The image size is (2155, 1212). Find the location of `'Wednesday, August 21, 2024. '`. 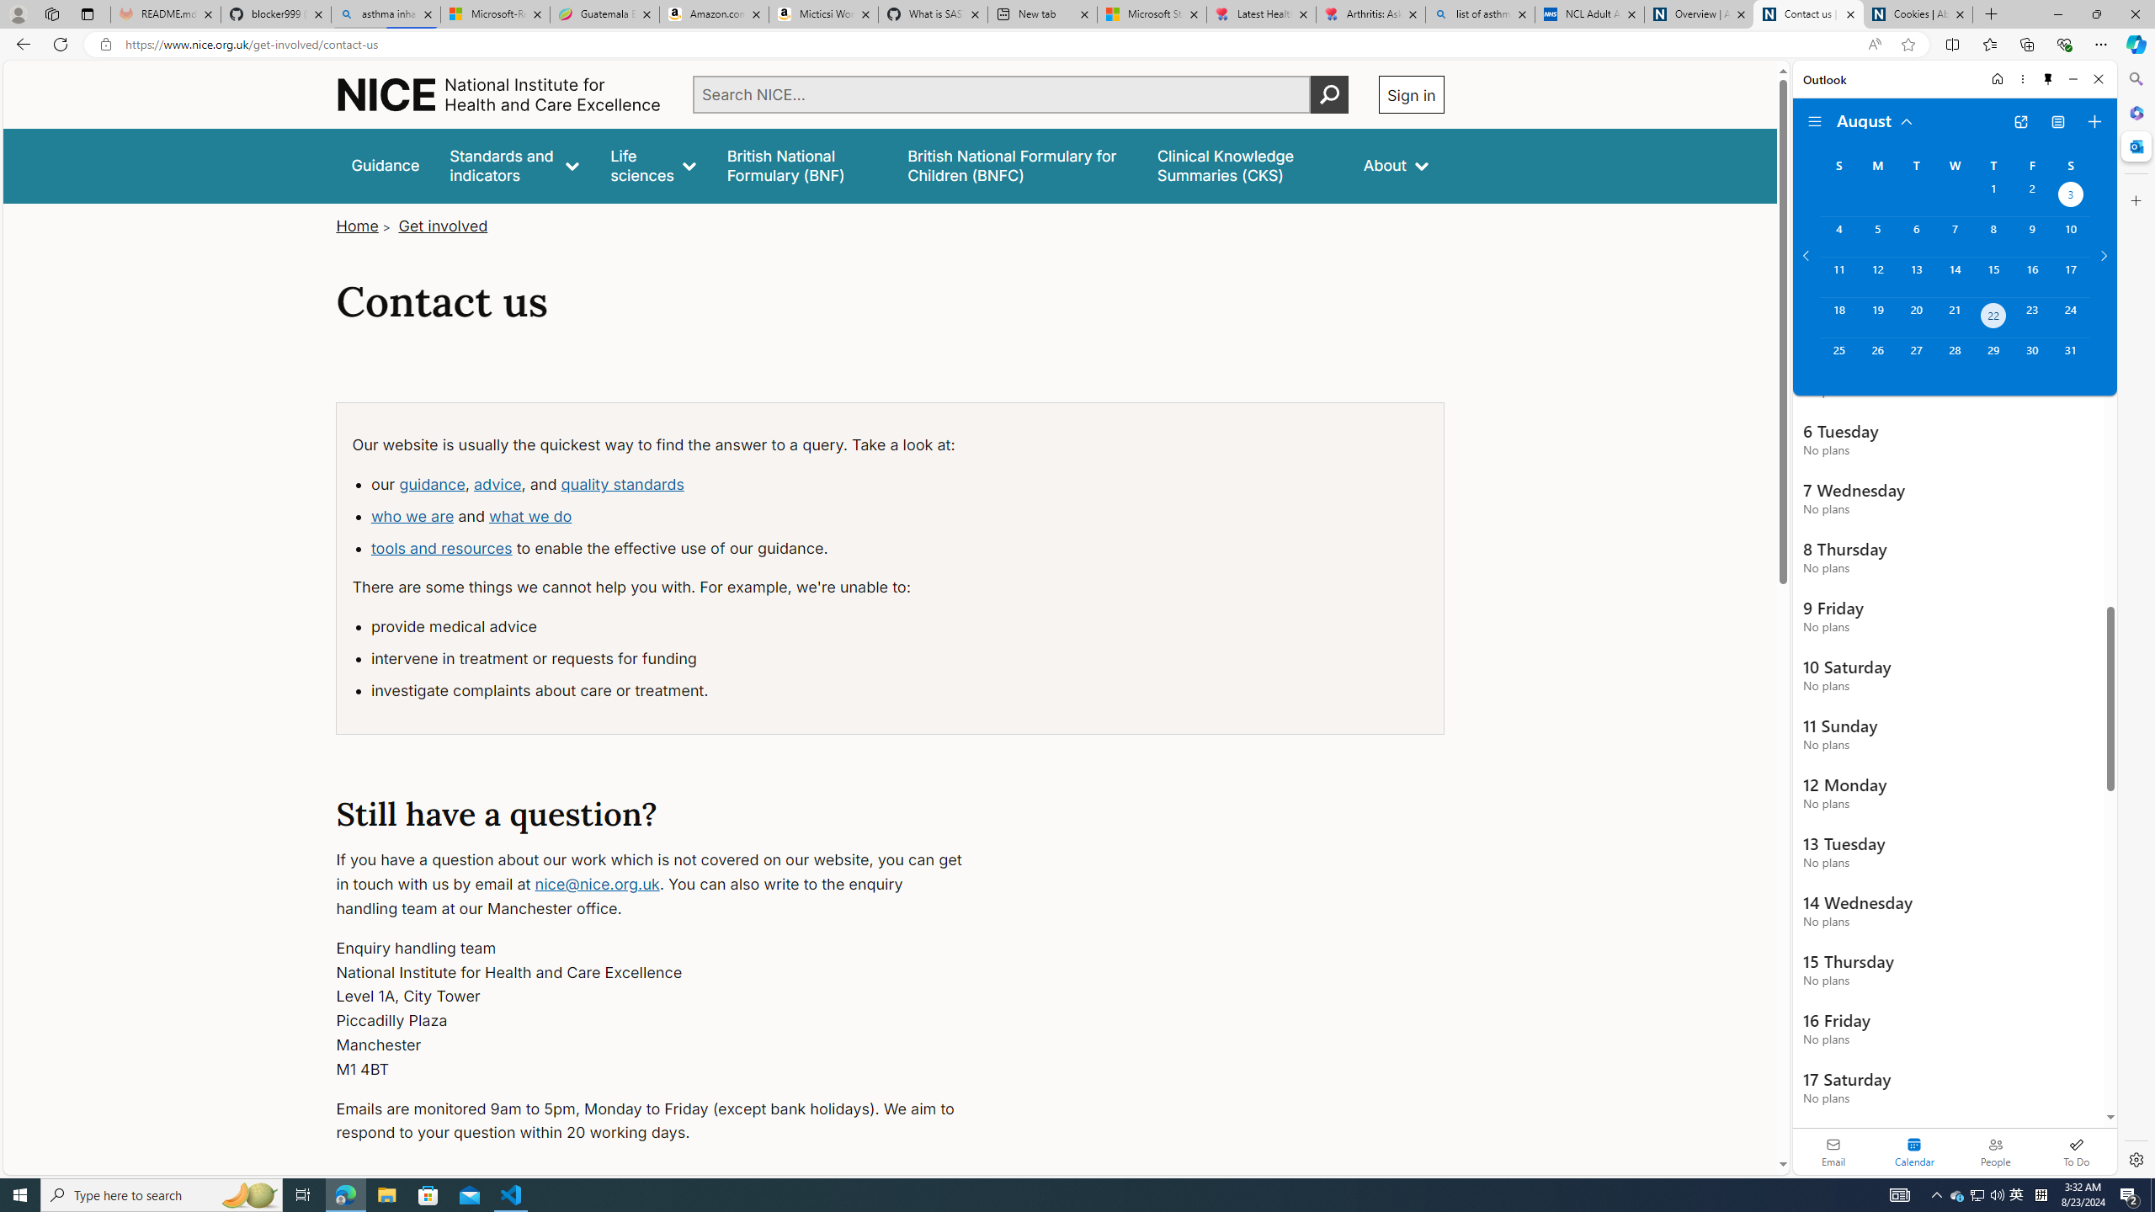

'Wednesday, August 21, 2024. ' is located at coordinates (1953, 316).